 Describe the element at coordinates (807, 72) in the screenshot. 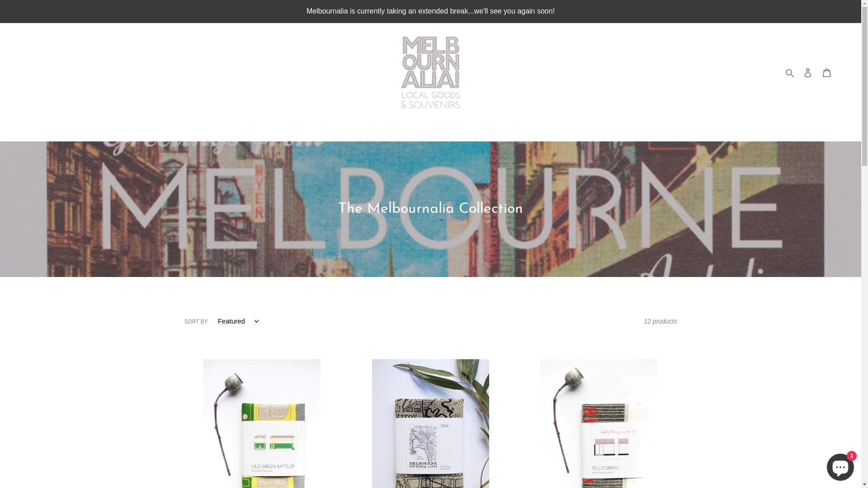

I see `'Log in'` at that location.